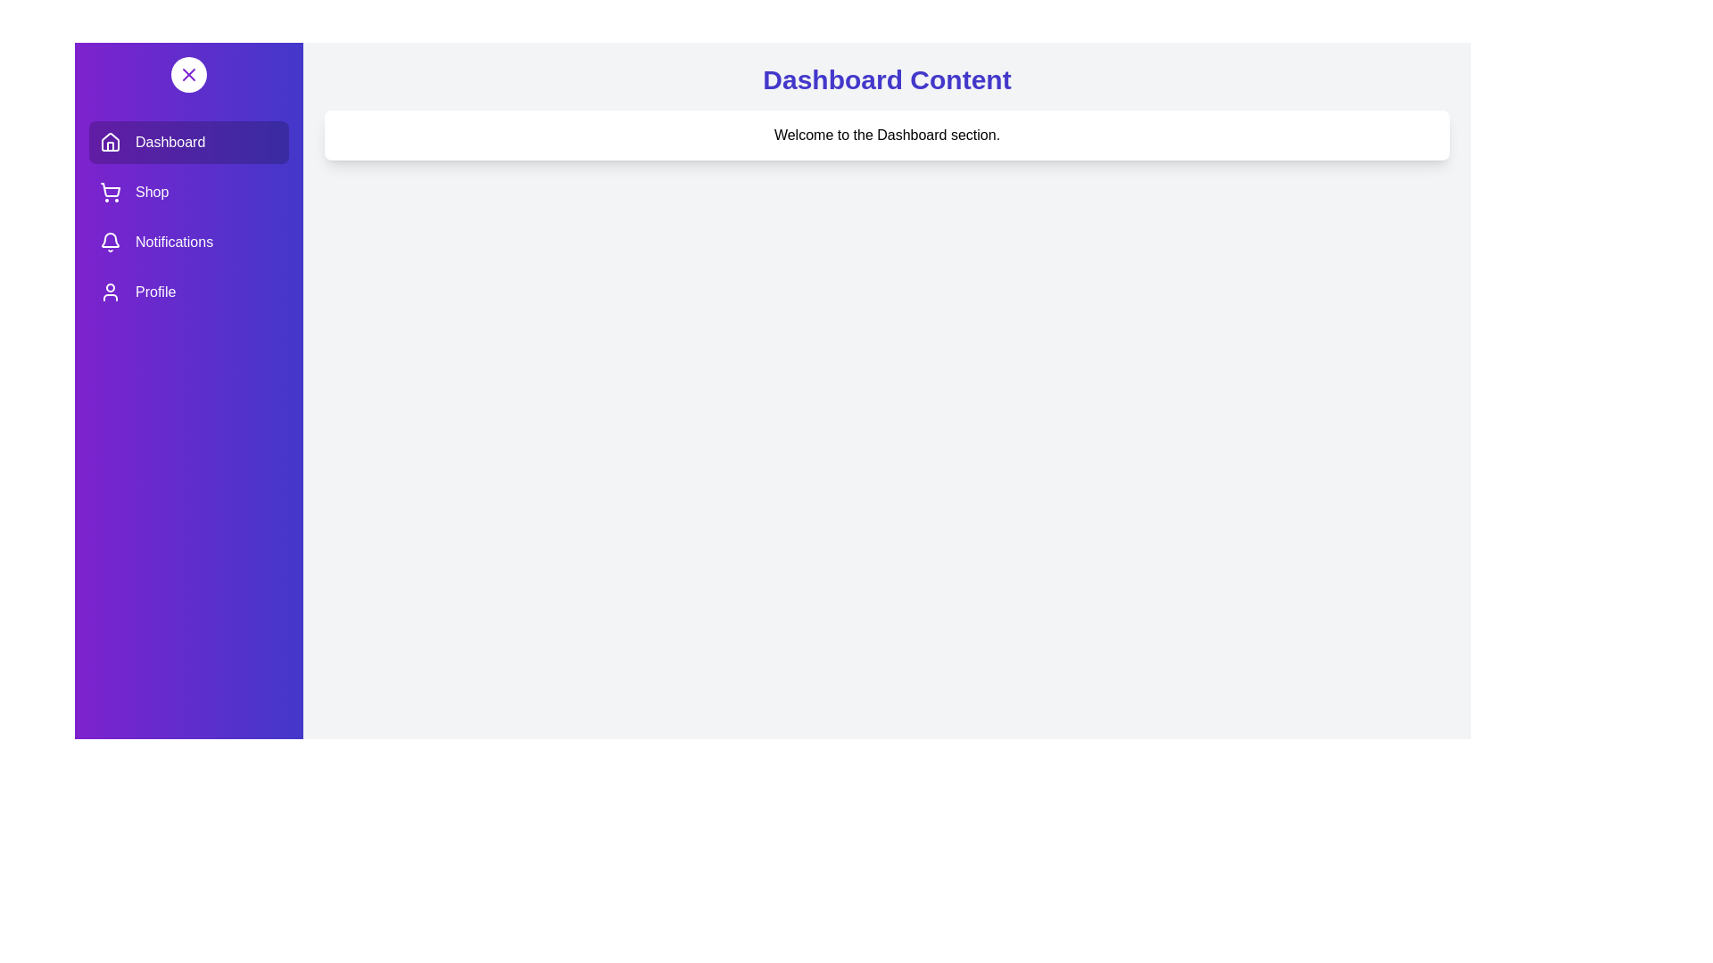  What do you see at coordinates (188, 243) in the screenshot?
I see `the Notifications section in the drawer to activate it` at bounding box center [188, 243].